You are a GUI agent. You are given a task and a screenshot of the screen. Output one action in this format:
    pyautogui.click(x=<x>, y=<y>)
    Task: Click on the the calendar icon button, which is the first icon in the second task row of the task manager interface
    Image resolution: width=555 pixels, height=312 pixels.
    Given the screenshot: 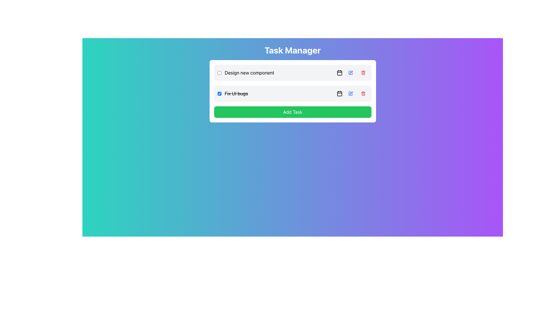 What is the action you would take?
    pyautogui.click(x=339, y=93)
    